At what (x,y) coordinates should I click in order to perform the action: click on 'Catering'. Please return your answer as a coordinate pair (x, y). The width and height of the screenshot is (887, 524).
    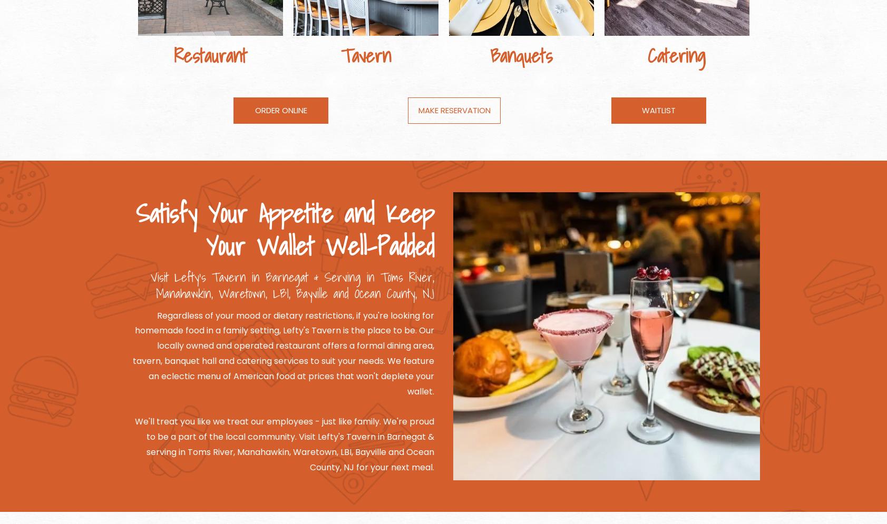
    Looking at the image, I should click on (676, 55).